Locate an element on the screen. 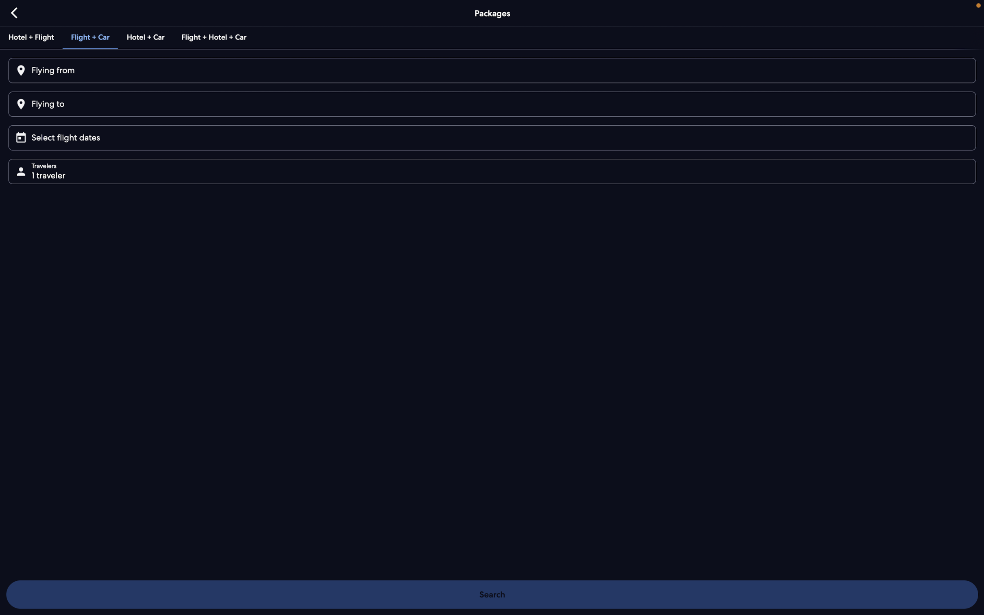 This screenshot has height=615, width=984. the option for a flight, hotel and car package is located at coordinates (213, 37).